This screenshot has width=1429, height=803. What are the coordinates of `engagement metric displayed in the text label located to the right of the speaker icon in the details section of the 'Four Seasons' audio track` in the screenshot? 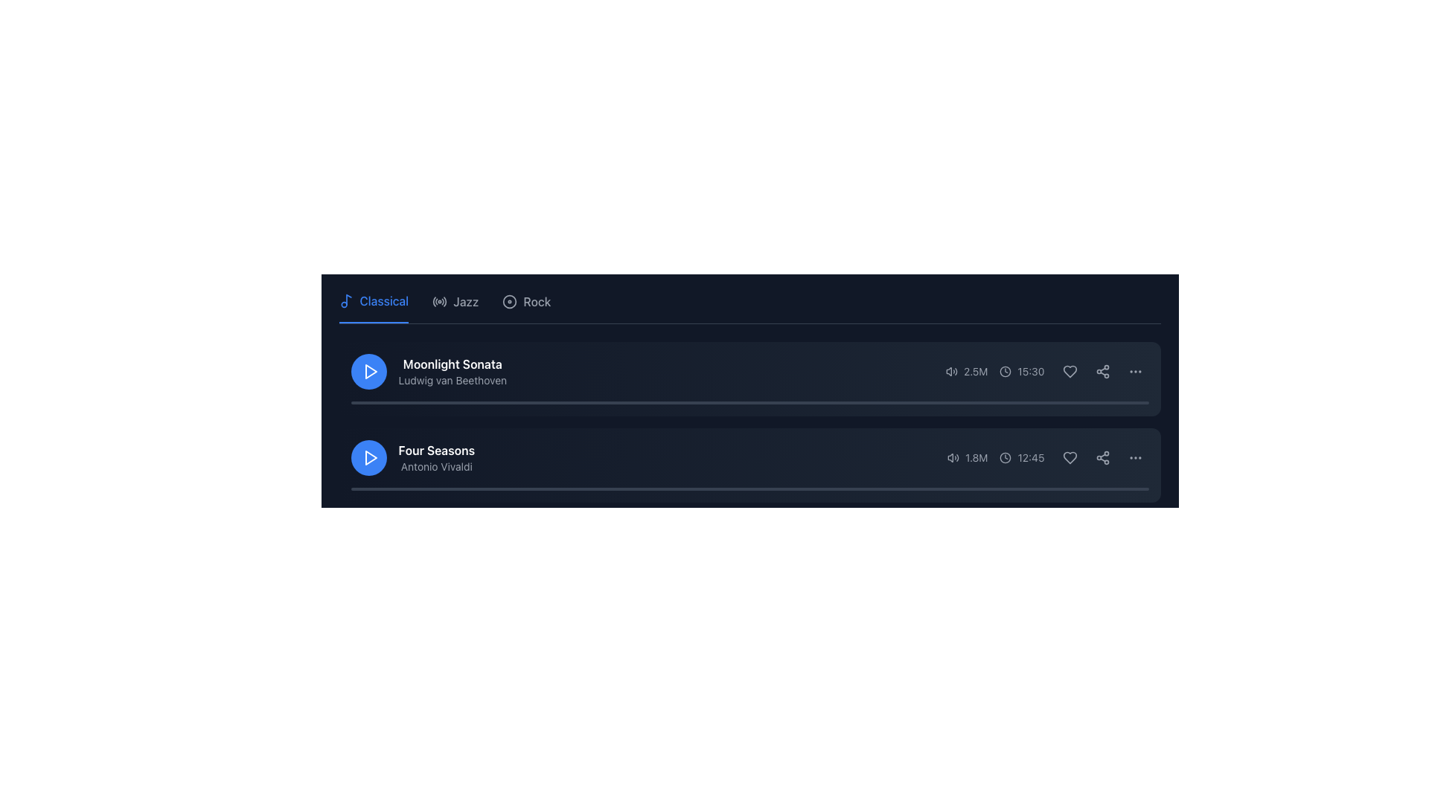 It's located at (968, 457).